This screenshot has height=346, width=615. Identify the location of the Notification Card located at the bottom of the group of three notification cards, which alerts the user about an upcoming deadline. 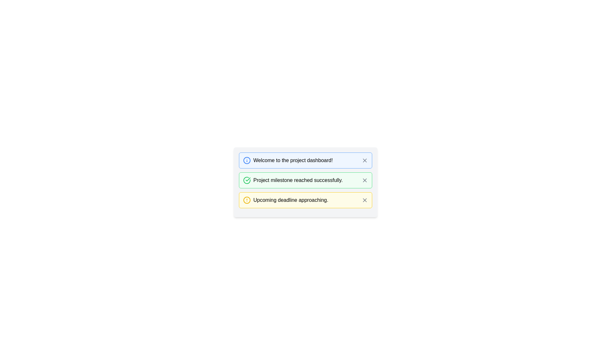
(305, 200).